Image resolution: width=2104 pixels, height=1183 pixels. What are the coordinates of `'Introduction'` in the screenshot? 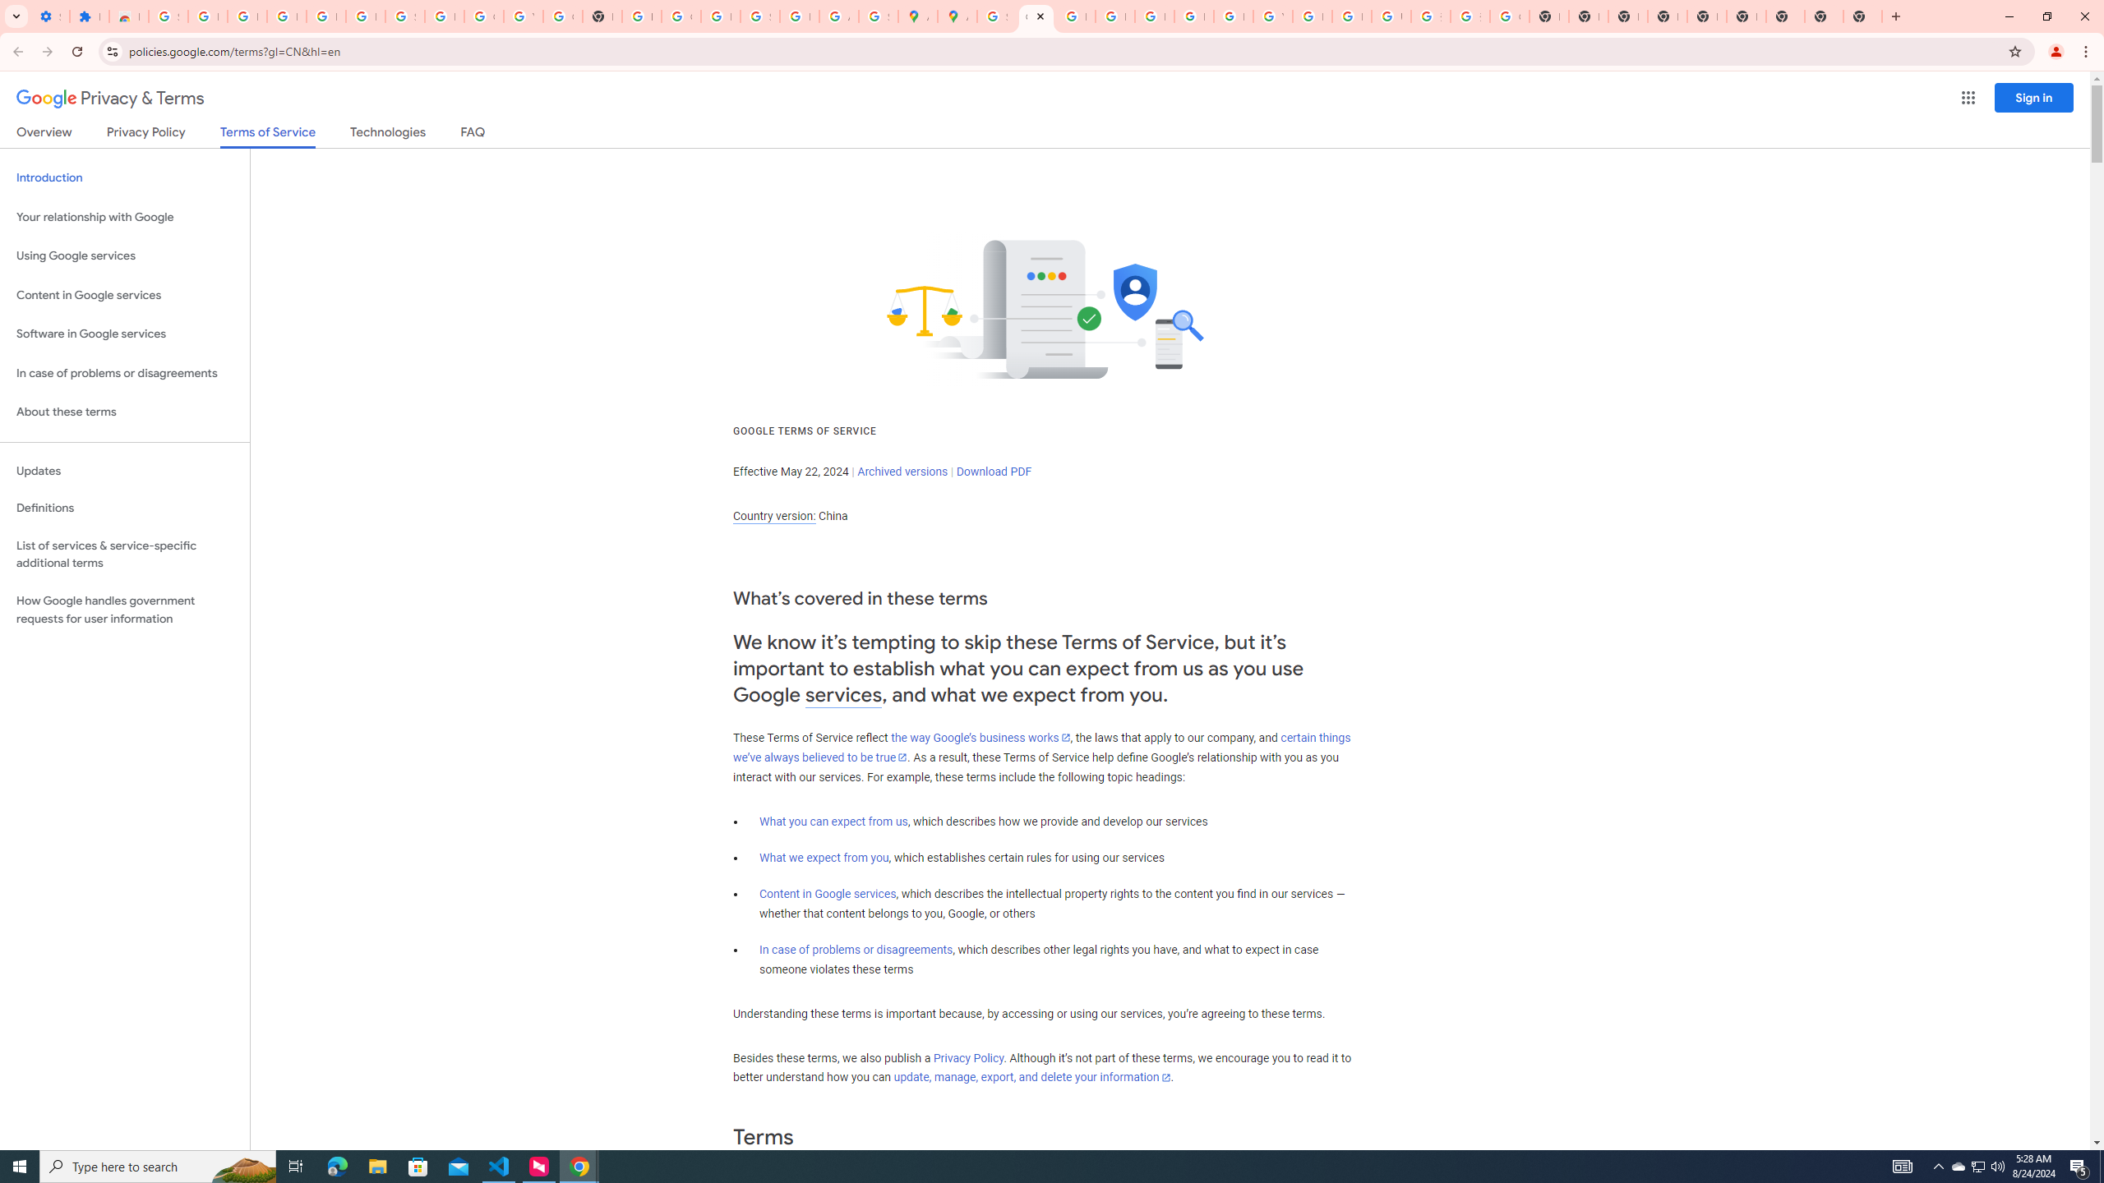 It's located at (124, 177).